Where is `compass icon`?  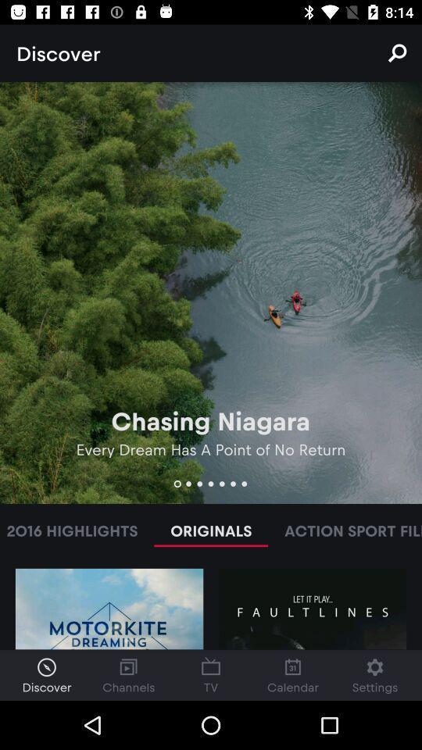 compass icon is located at coordinates (46, 666).